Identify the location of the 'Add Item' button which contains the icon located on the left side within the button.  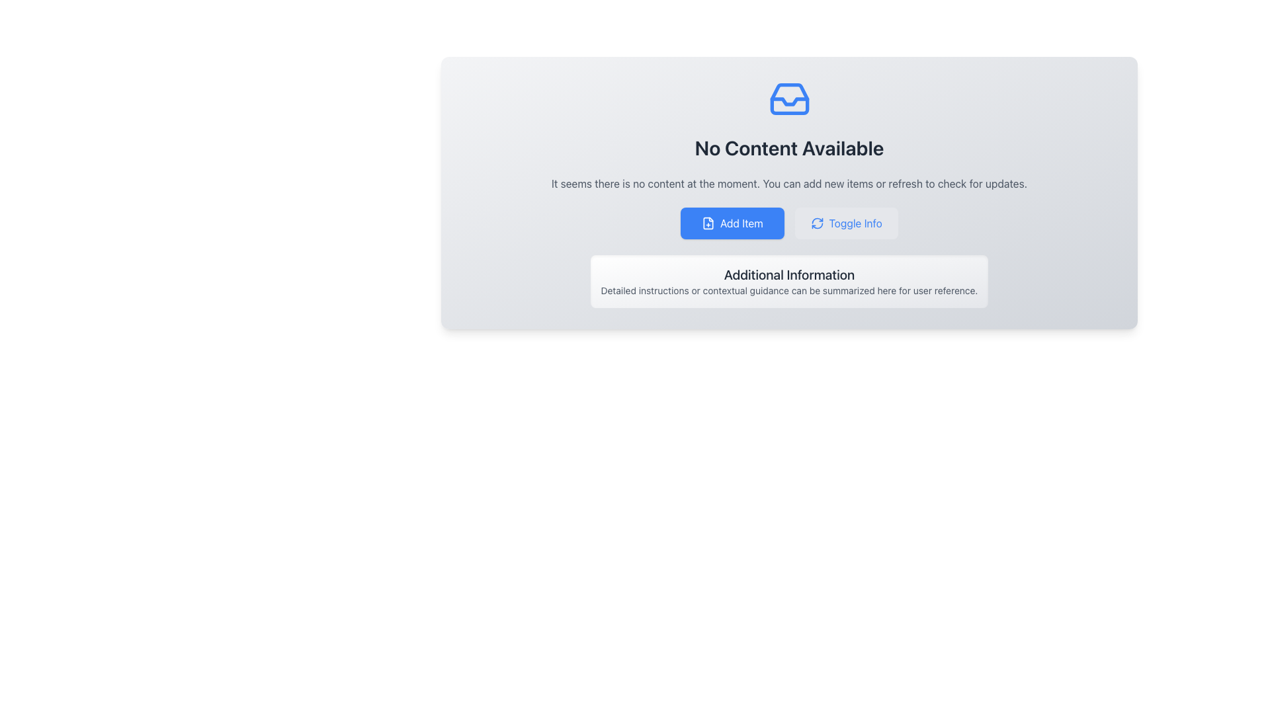
(707, 223).